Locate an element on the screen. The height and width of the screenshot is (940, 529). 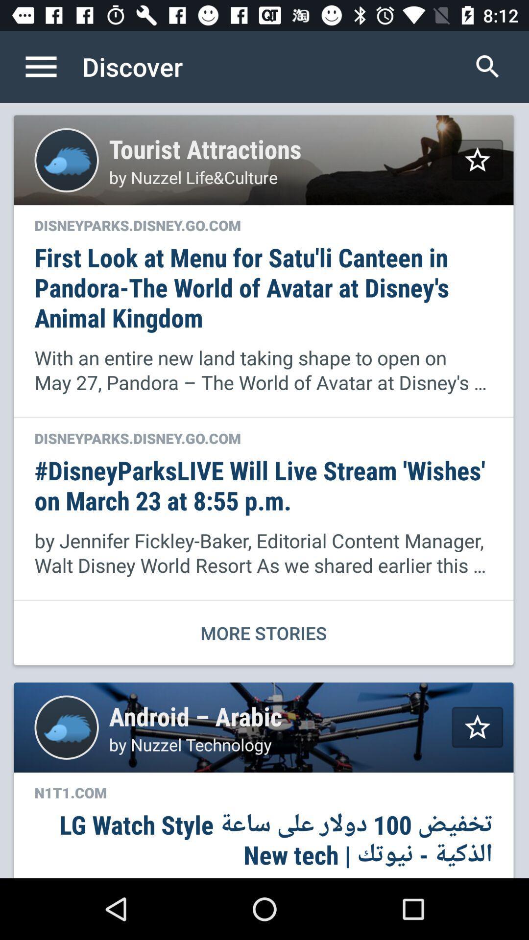
topic is located at coordinates (477, 160).